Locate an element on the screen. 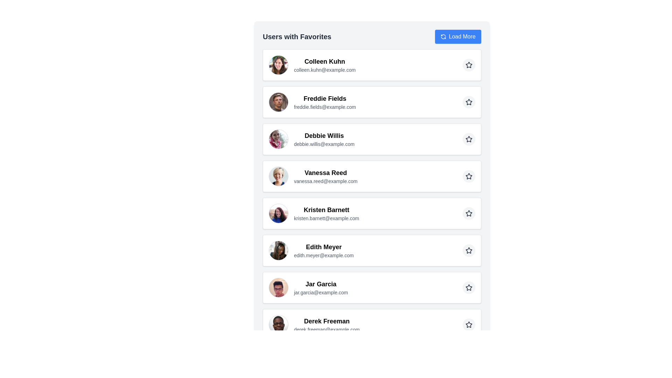  the text display label for 'Freddie Fields' to provide visual focus or display a tooltip is located at coordinates (324, 98).